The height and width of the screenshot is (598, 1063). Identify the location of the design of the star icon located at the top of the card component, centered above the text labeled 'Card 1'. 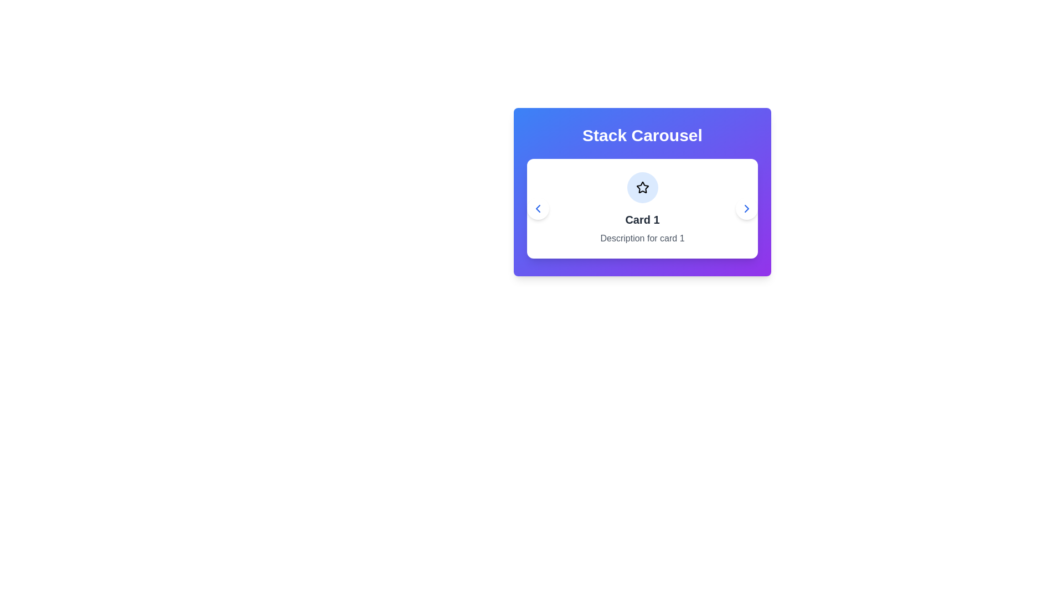
(642, 187).